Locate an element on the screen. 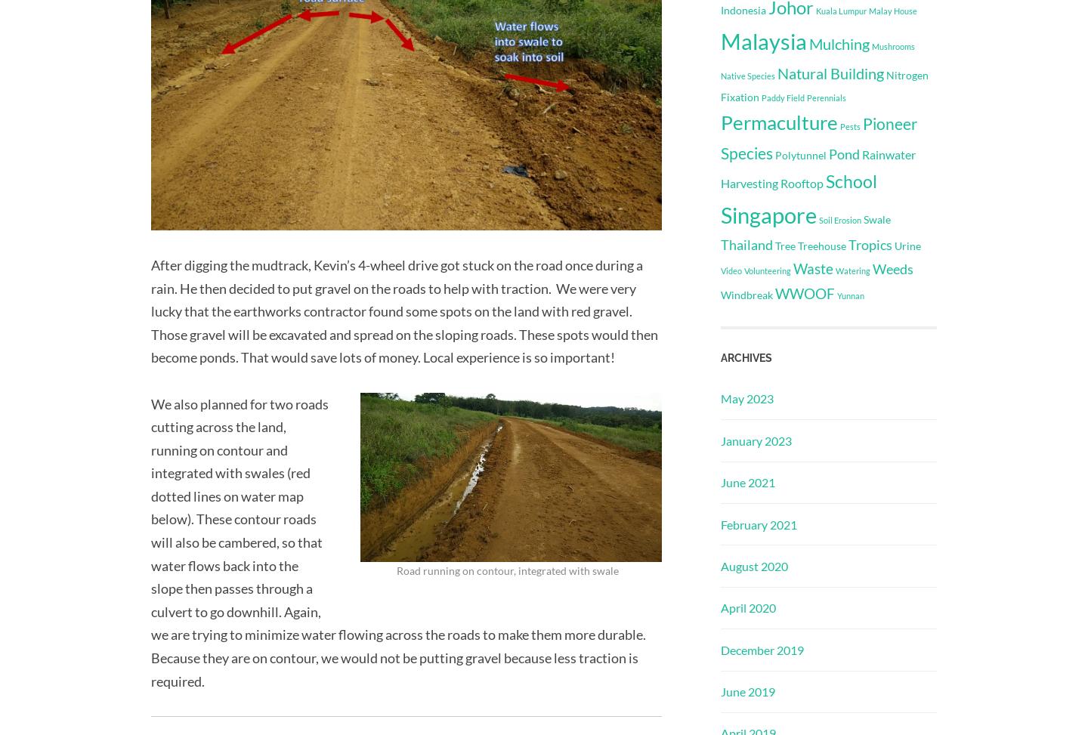 Image resolution: width=1088 pixels, height=735 pixels. 'Swale' is located at coordinates (876, 219).